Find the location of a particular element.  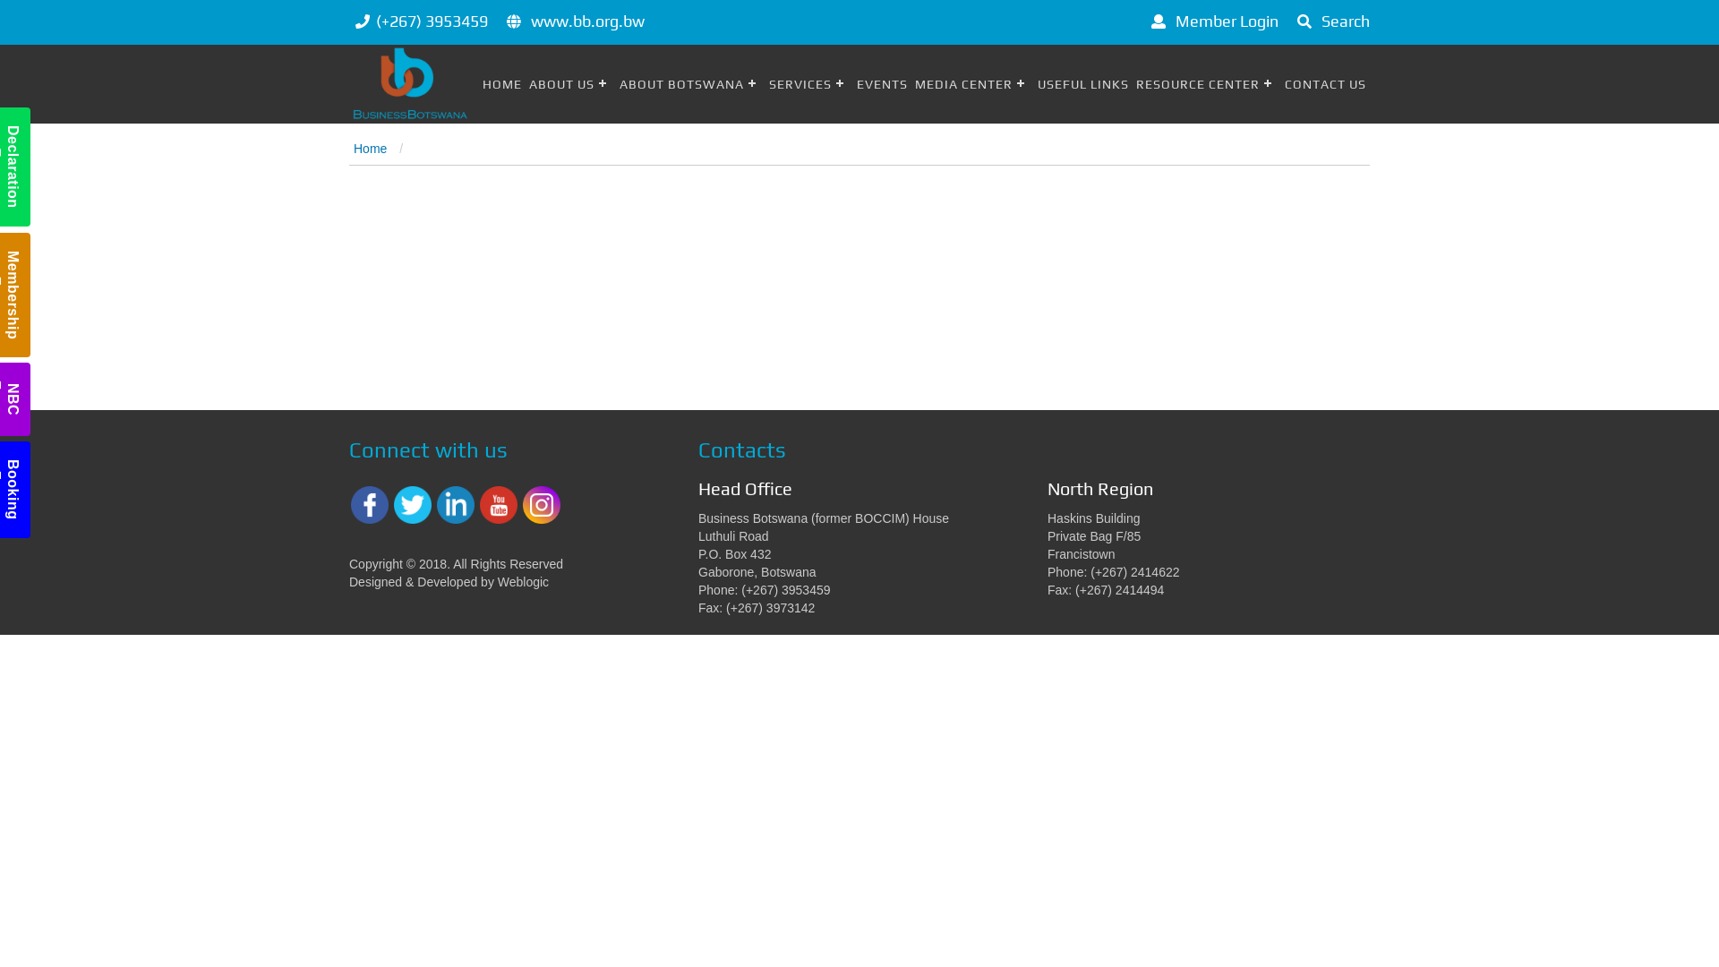

'ABOUT BOTSWANA' is located at coordinates (689, 83).